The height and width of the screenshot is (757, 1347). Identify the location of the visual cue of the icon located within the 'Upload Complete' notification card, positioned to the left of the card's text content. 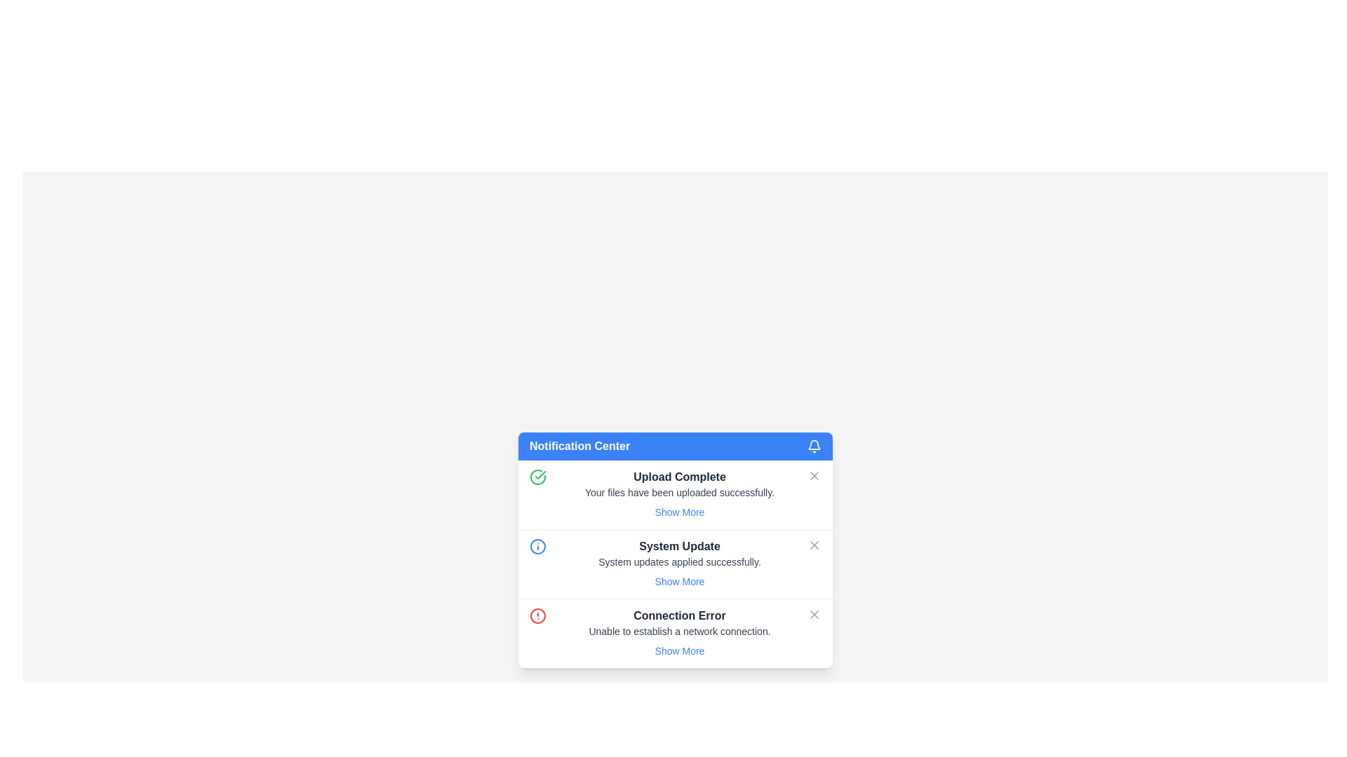
(540, 475).